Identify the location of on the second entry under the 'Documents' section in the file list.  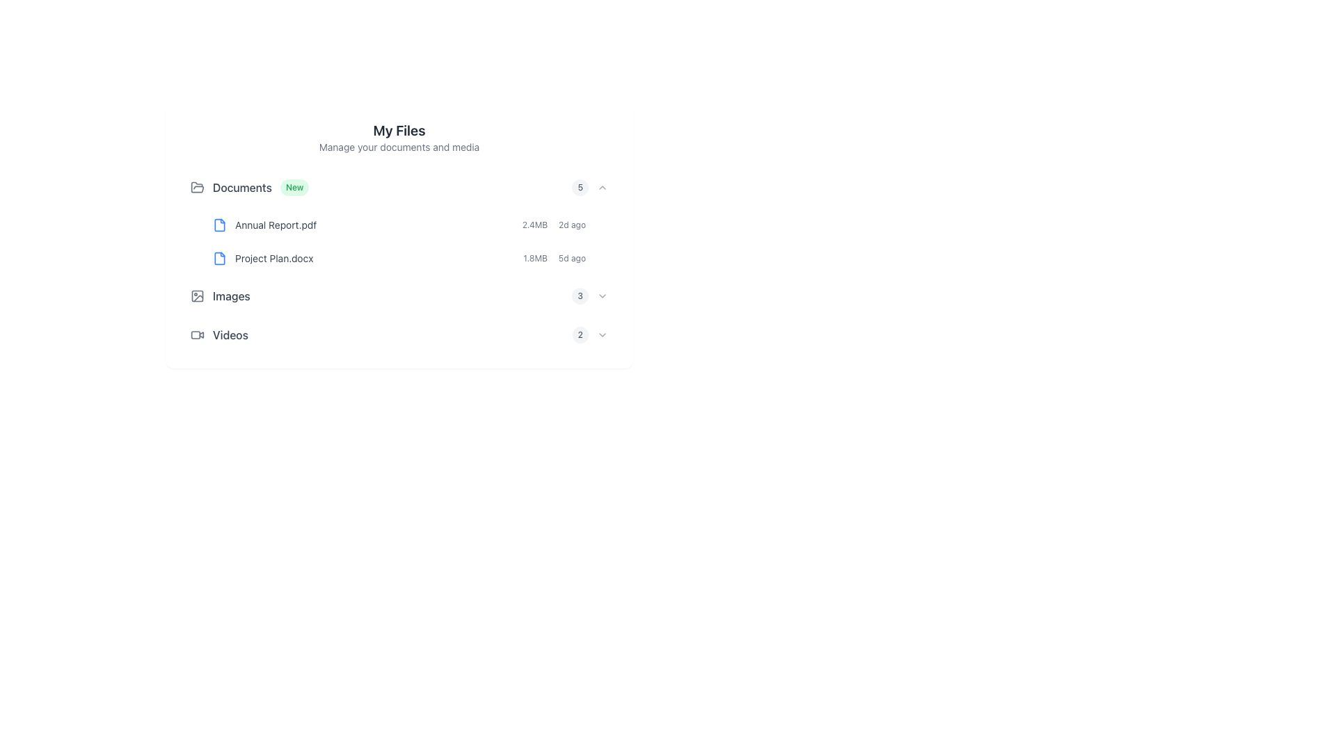
(410, 258).